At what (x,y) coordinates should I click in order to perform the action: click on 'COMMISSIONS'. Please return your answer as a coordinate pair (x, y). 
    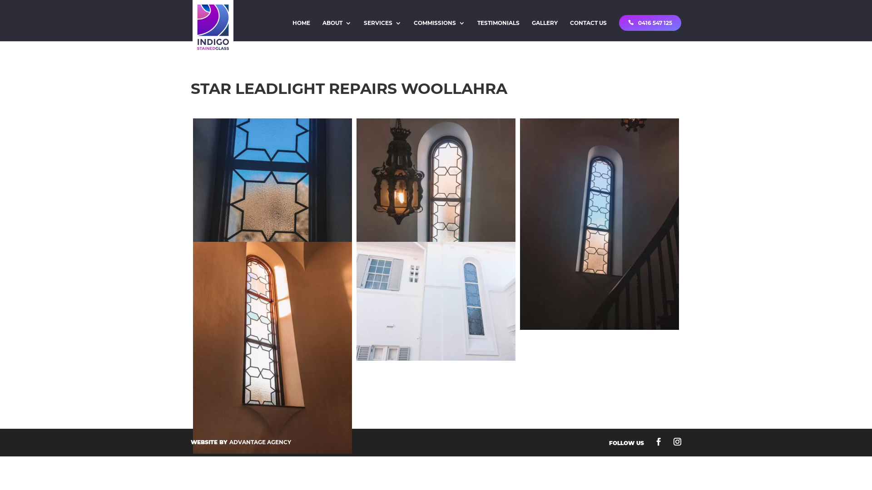
    Looking at the image, I should click on (439, 30).